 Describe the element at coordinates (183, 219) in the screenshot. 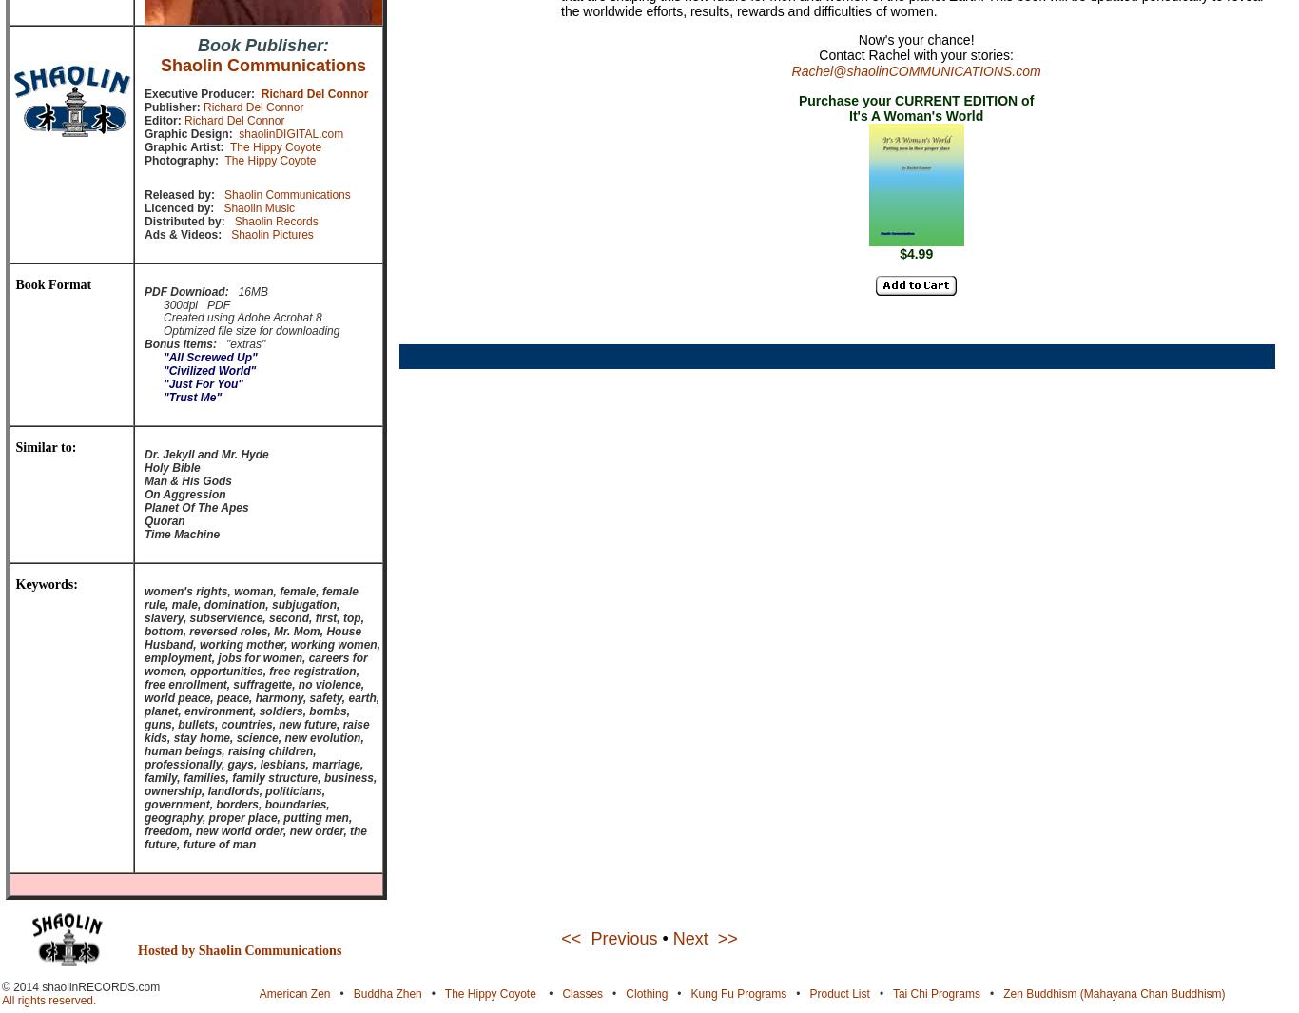

I see `'Distributed by:'` at that location.